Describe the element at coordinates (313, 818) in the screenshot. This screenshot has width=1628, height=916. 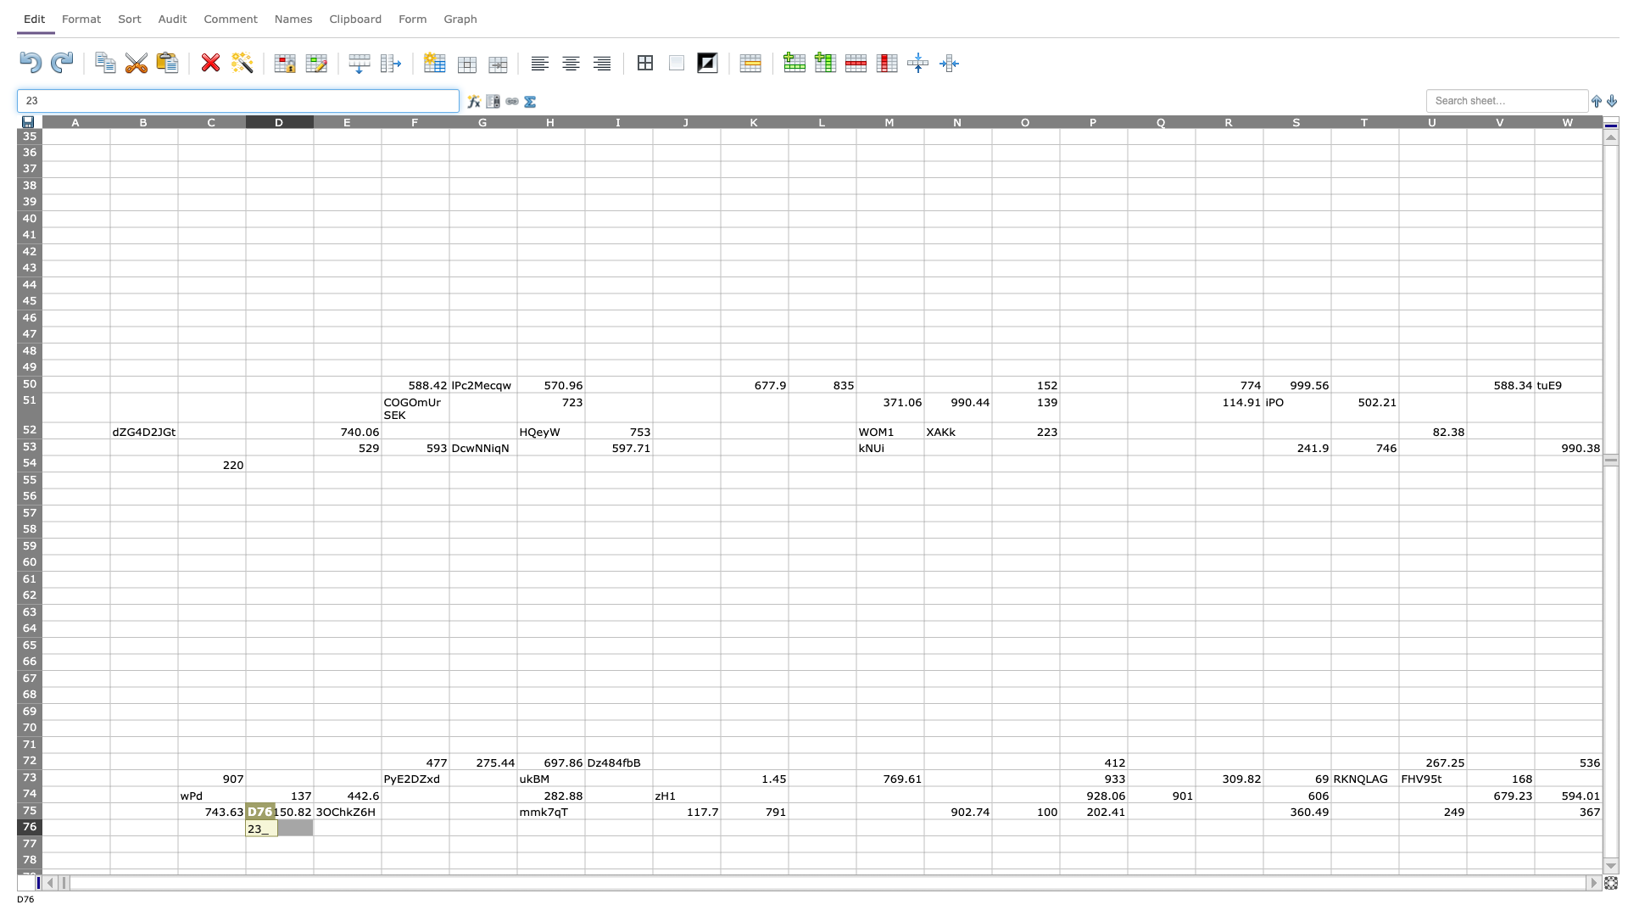
I see `top left corner of cell E76` at that location.